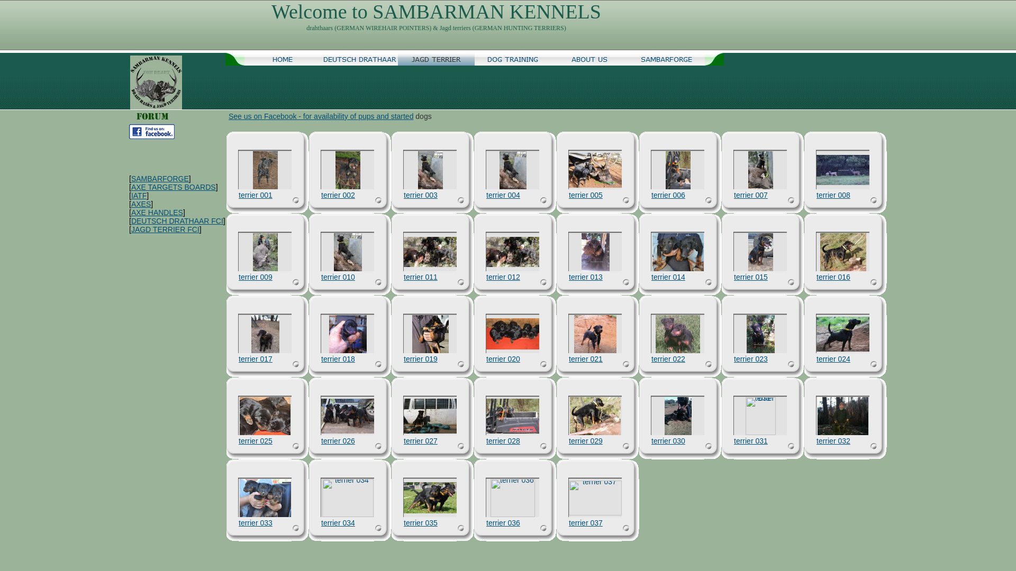 Image resolution: width=1016 pixels, height=571 pixels. Describe the element at coordinates (513, 498) in the screenshot. I see `'terrier 036'` at that location.